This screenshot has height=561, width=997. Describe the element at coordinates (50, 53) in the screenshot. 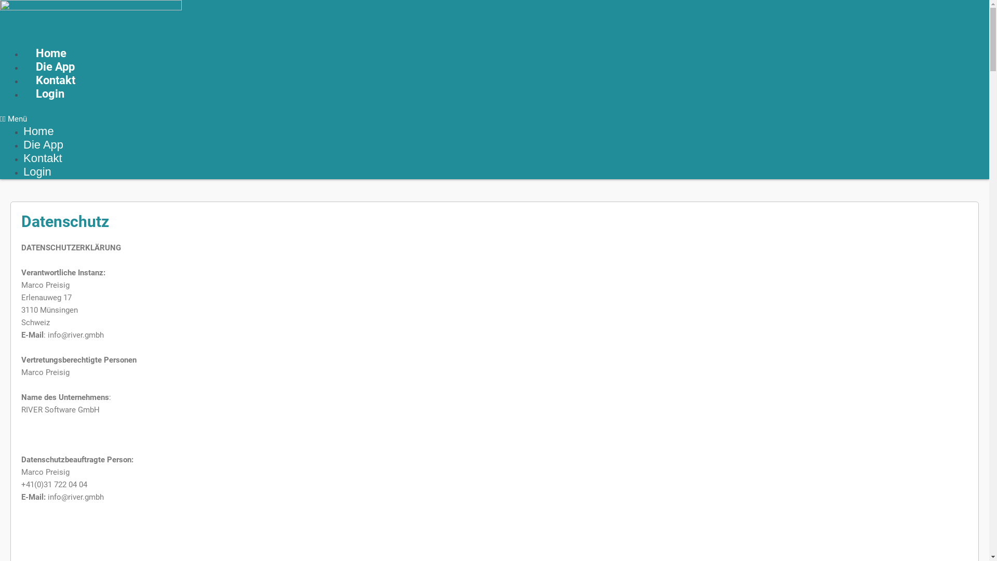

I see `'Home'` at that location.